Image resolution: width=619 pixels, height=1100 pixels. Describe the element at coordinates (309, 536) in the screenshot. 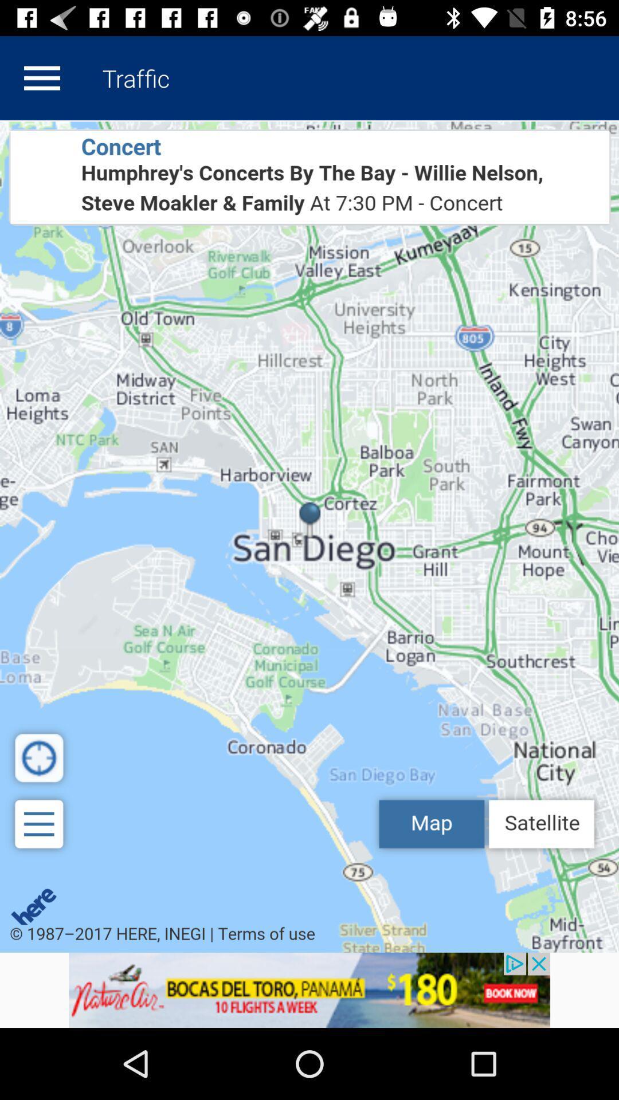

I see `view all` at that location.